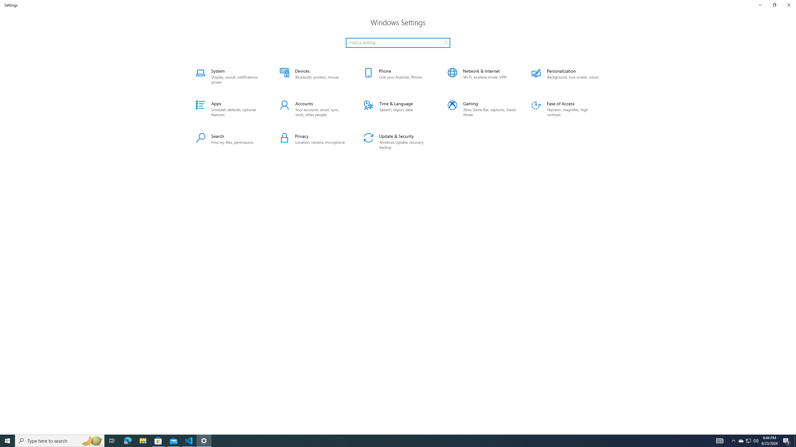 This screenshot has width=796, height=447. I want to click on 'Close Settings', so click(788, 5).